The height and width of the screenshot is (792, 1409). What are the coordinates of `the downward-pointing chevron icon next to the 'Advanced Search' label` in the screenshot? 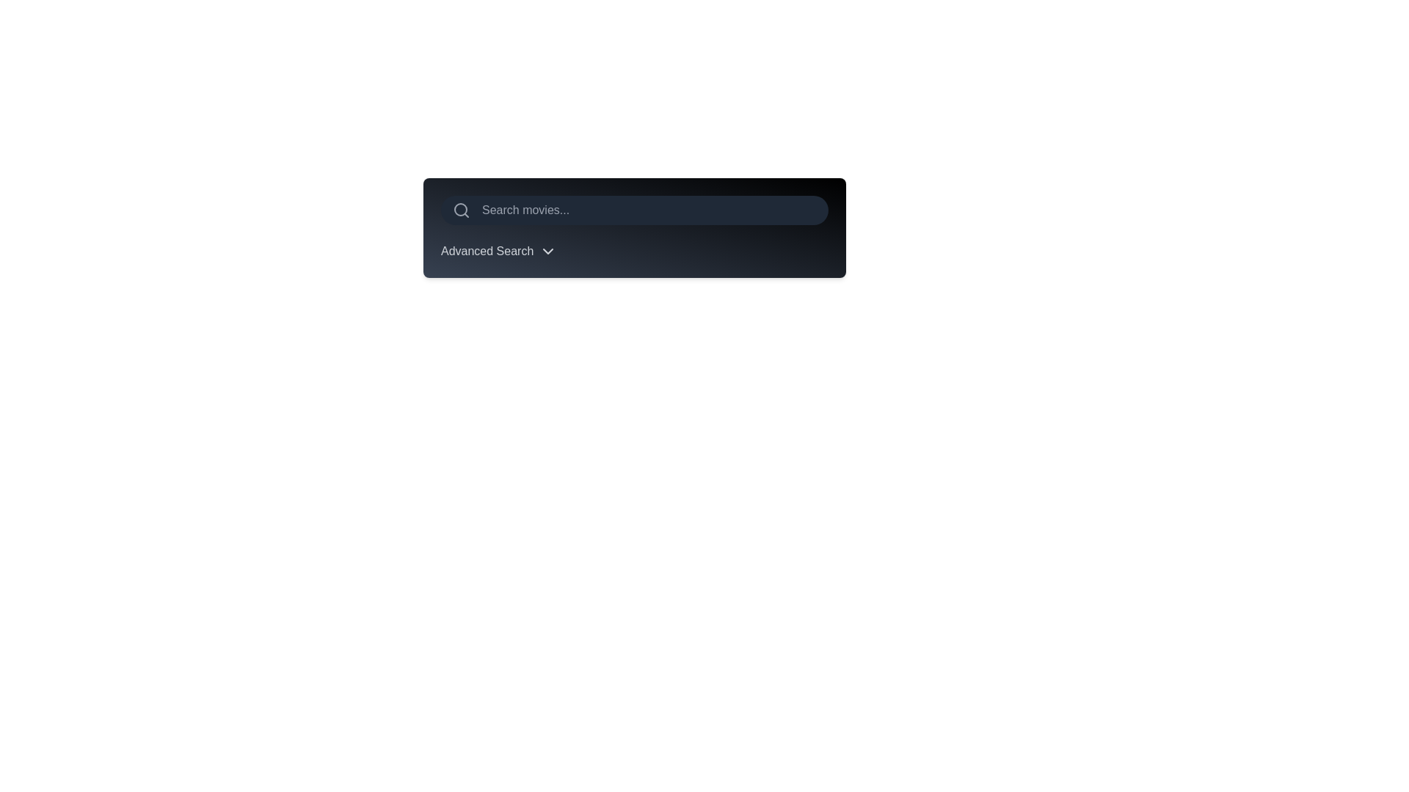 It's located at (547, 251).